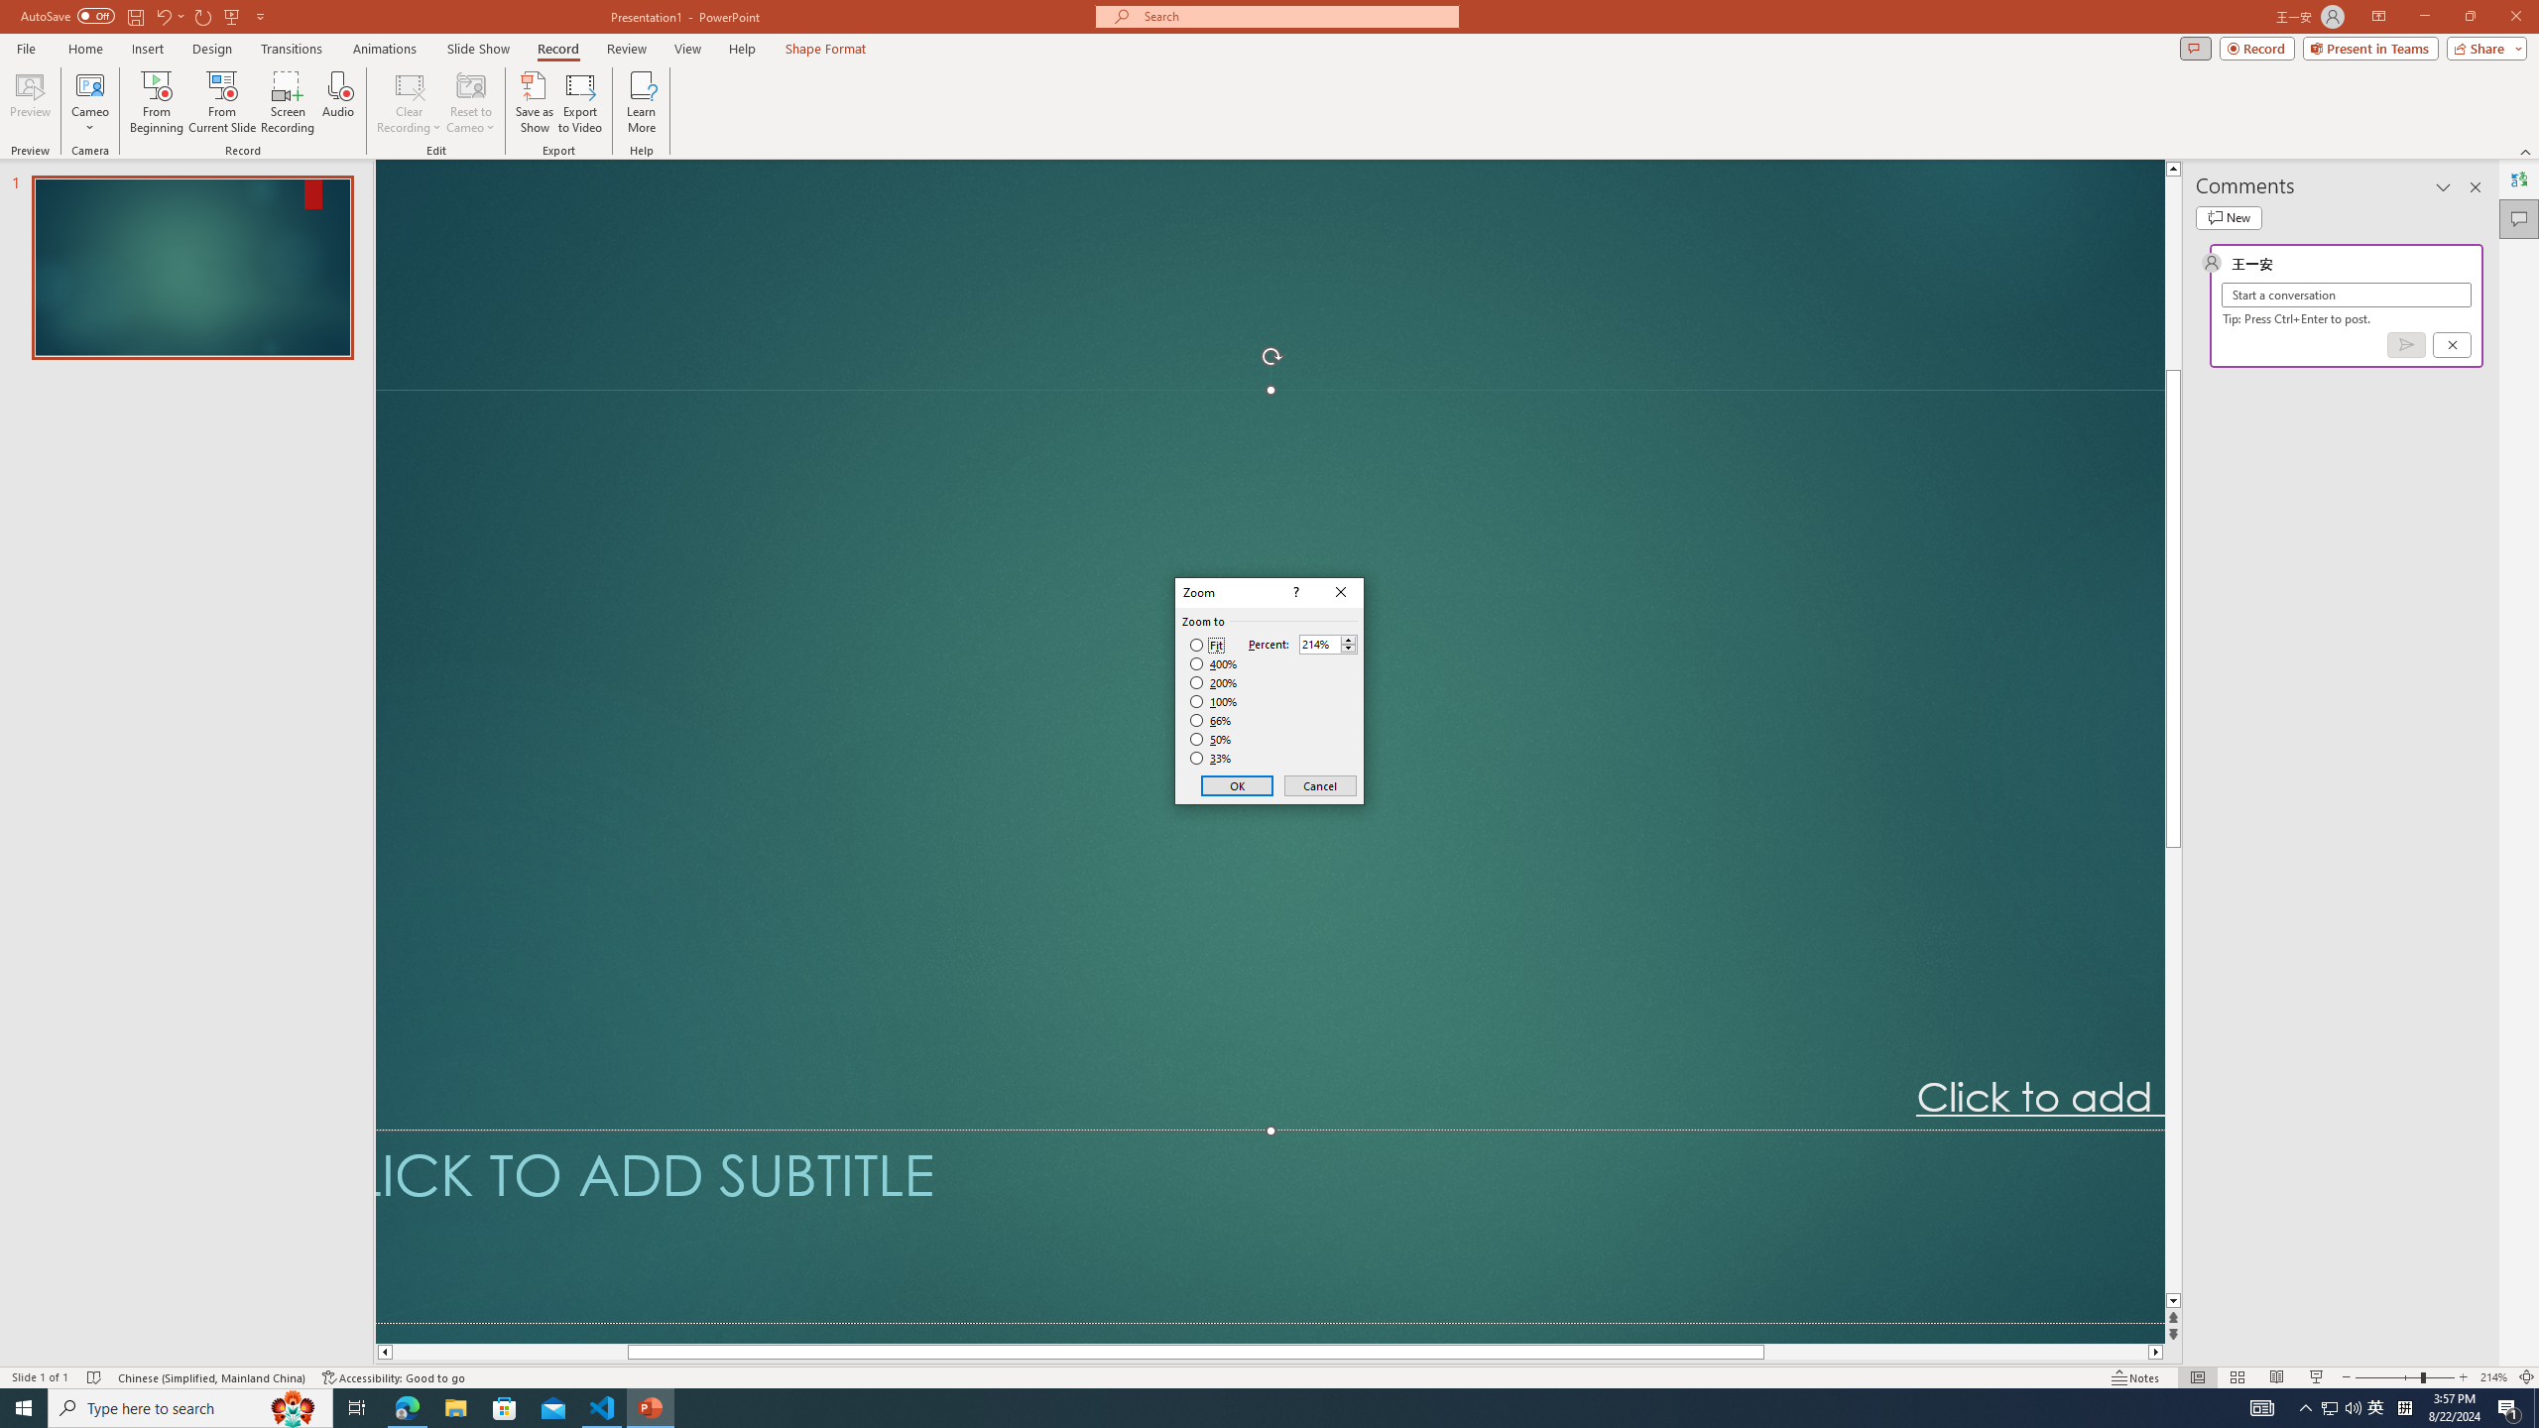 The height and width of the screenshot is (1428, 2539). What do you see at coordinates (1213, 683) in the screenshot?
I see `'200%'` at bounding box center [1213, 683].